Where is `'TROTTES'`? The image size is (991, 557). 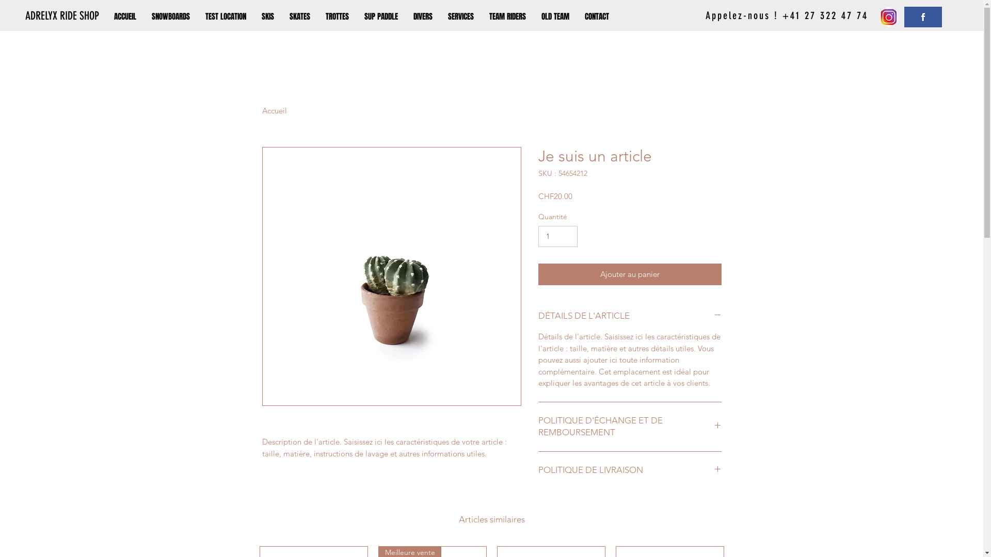
'TROTTES' is located at coordinates (317, 16).